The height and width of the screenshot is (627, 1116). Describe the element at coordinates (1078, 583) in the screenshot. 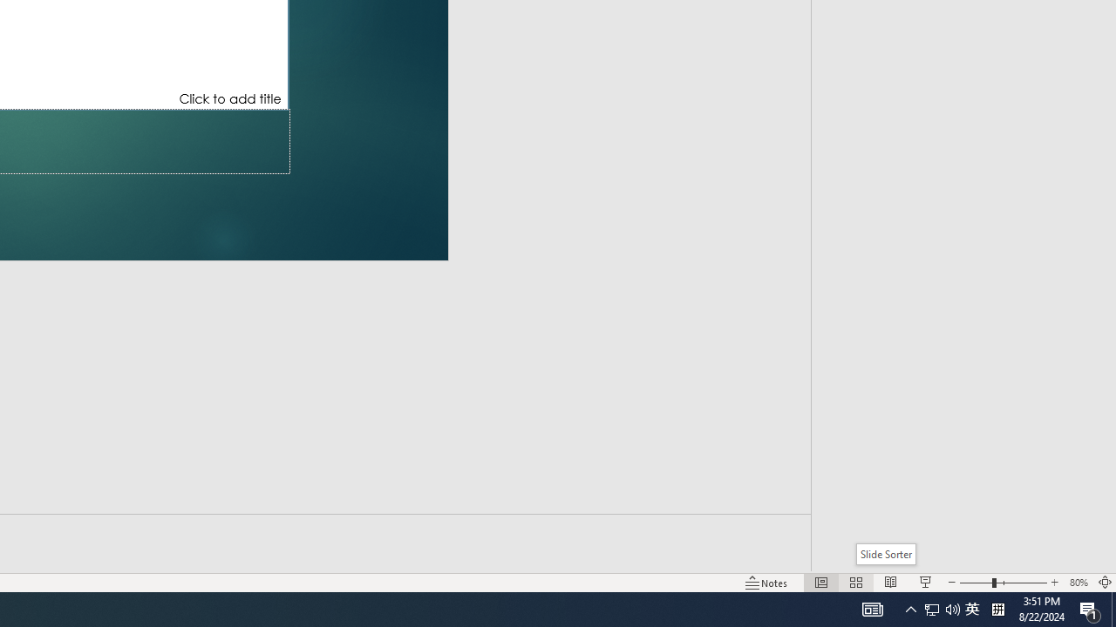

I see `'Zoom 80%'` at that location.